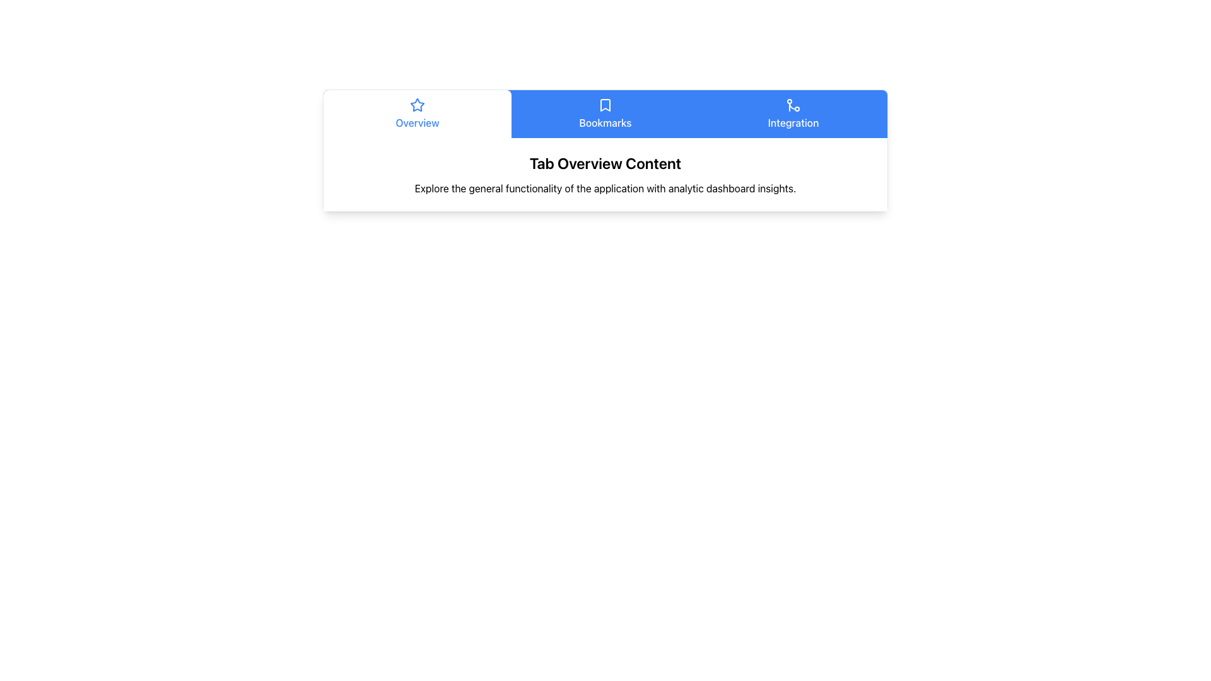 This screenshot has width=1211, height=681. I want to click on the 'Overview' tab icon located in the far-left position of the tab navigation bar, so click(418, 104).